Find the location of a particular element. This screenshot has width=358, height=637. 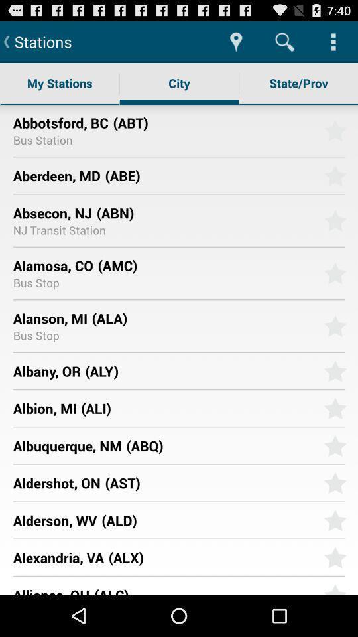

icon next to (abe) is located at coordinates (56, 175).